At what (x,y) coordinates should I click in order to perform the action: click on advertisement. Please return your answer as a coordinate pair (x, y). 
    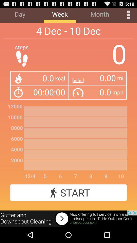
    Looking at the image, I should click on (68, 218).